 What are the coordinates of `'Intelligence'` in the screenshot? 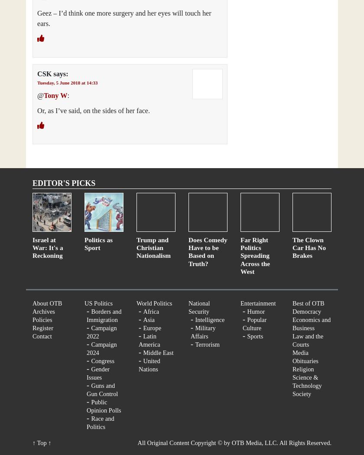 It's located at (209, 318).